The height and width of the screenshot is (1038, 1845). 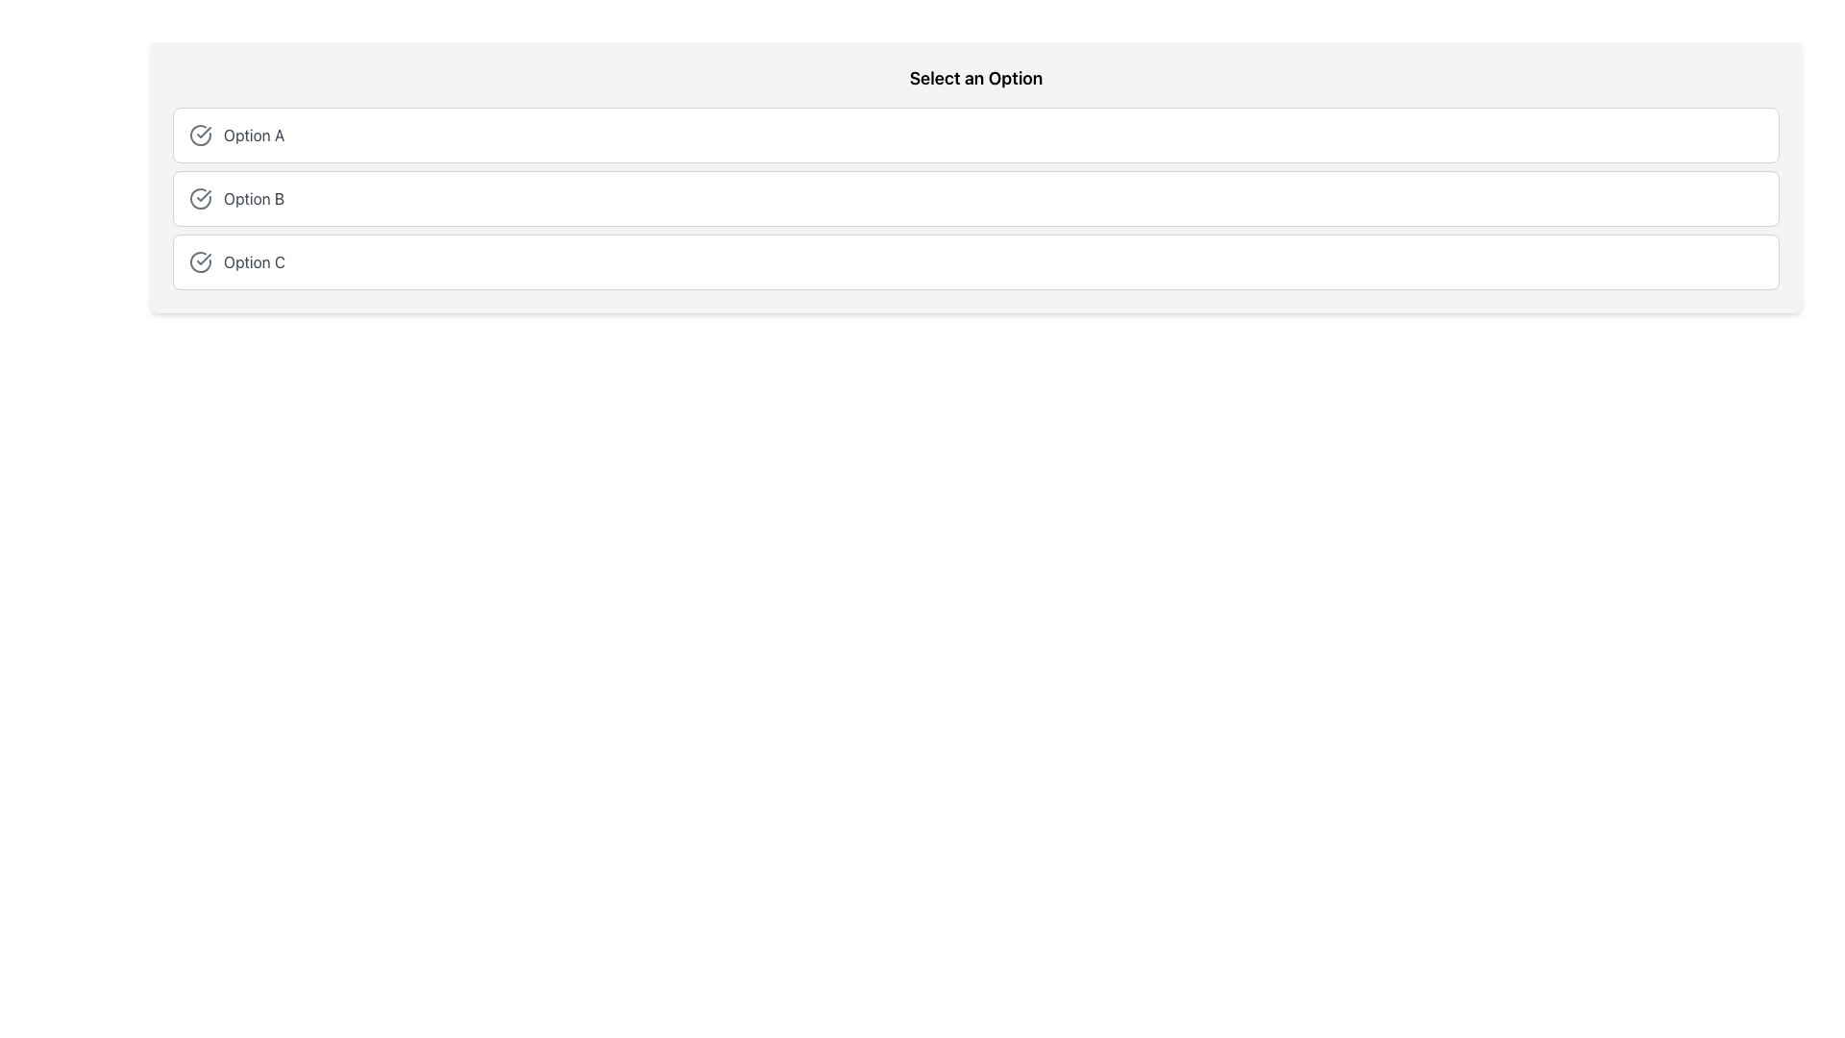 What do you see at coordinates (254, 262) in the screenshot?
I see `the textual label for the third option in the vertical list of selectable items, which indicates its title to the user` at bounding box center [254, 262].